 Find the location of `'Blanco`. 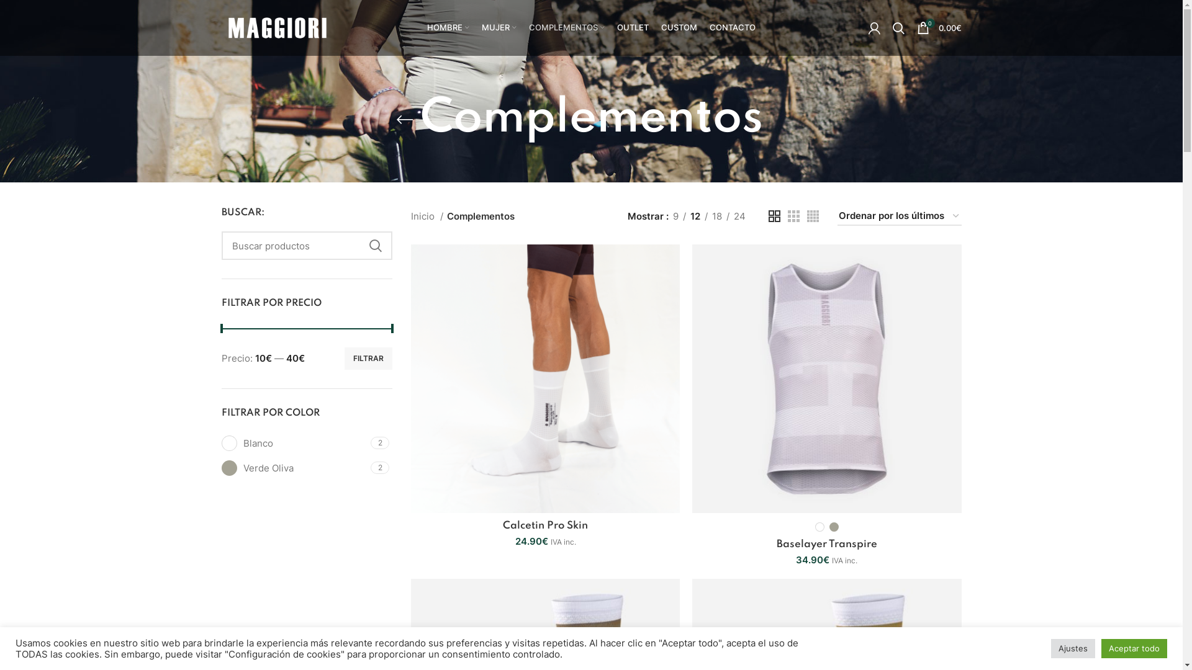

'Blanco is located at coordinates (294, 442).